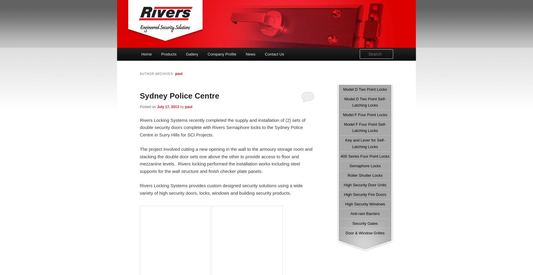  Describe the element at coordinates (365, 156) in the screenshot. I see `'400 Series Four Point Locks'` at that location.